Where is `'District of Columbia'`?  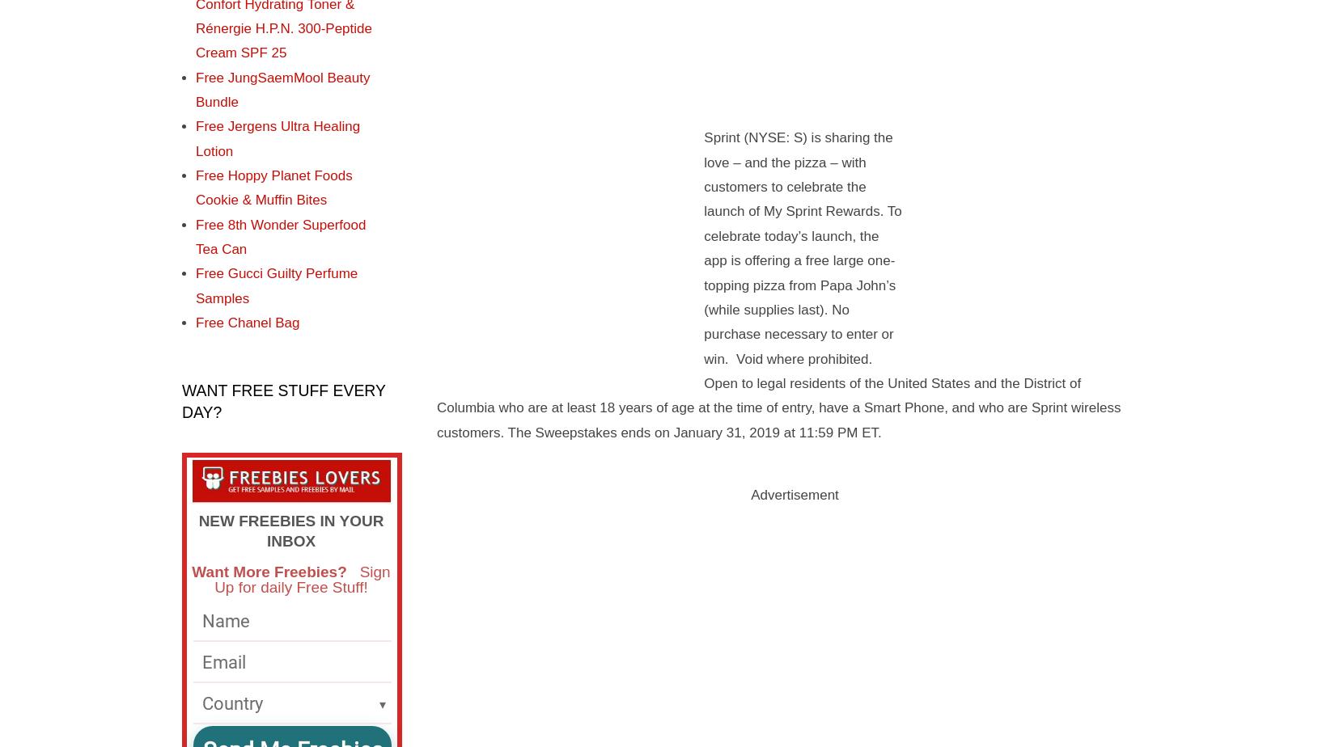
'District of Columbia' is located at coordinates (759, 395).